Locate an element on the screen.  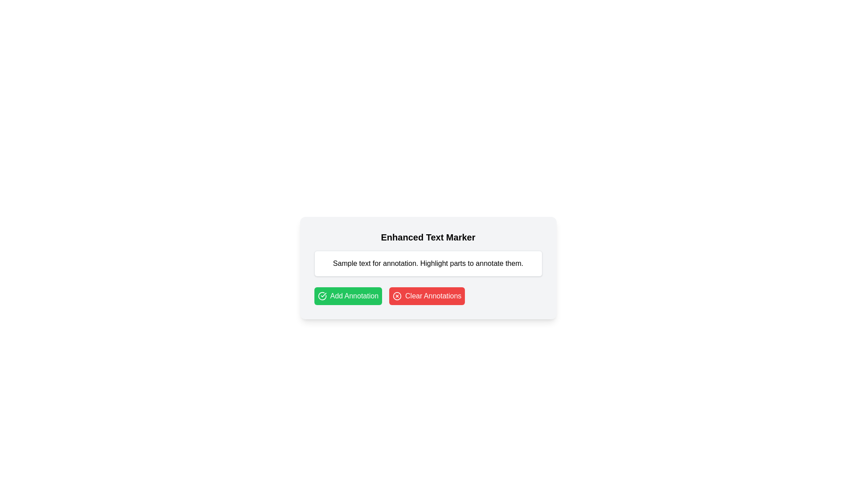
the character 't', which is the 39th character in the text input box centered in the interface is located at coordinates (447, 263).